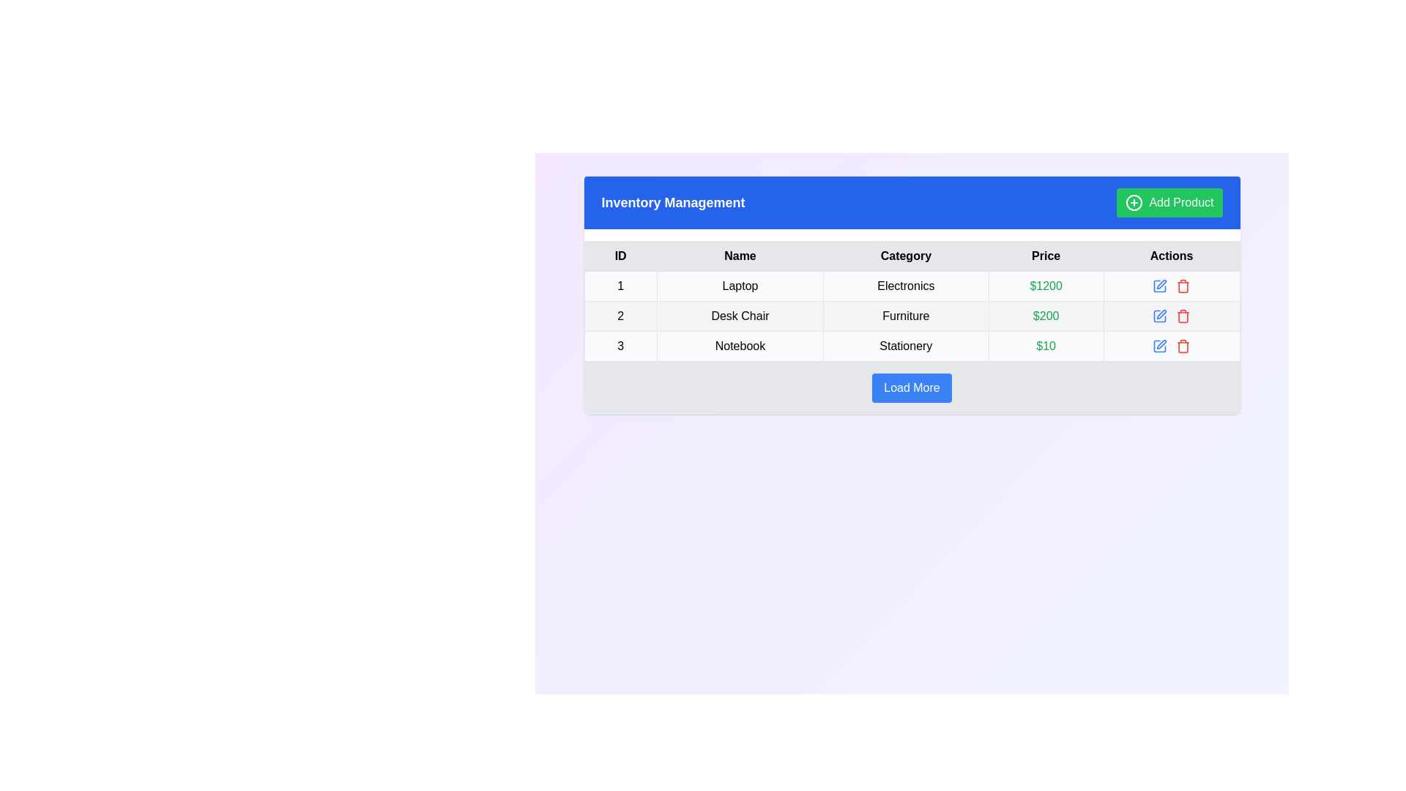  I want to click on the 'Add New Product' button located in the top-right corner of the blue header bar, so click(1169, 203).